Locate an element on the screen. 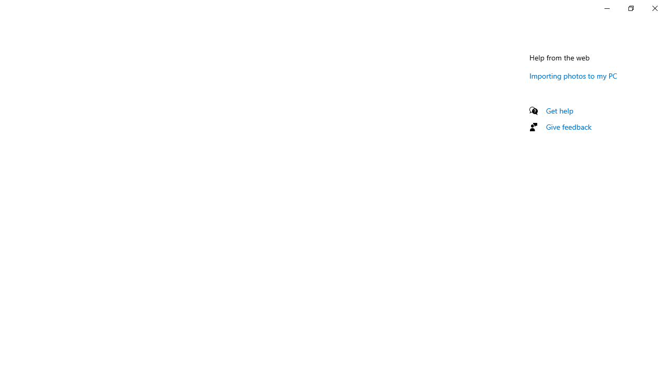  'Importing photos to my PC' is located at coordinates (573, 75).